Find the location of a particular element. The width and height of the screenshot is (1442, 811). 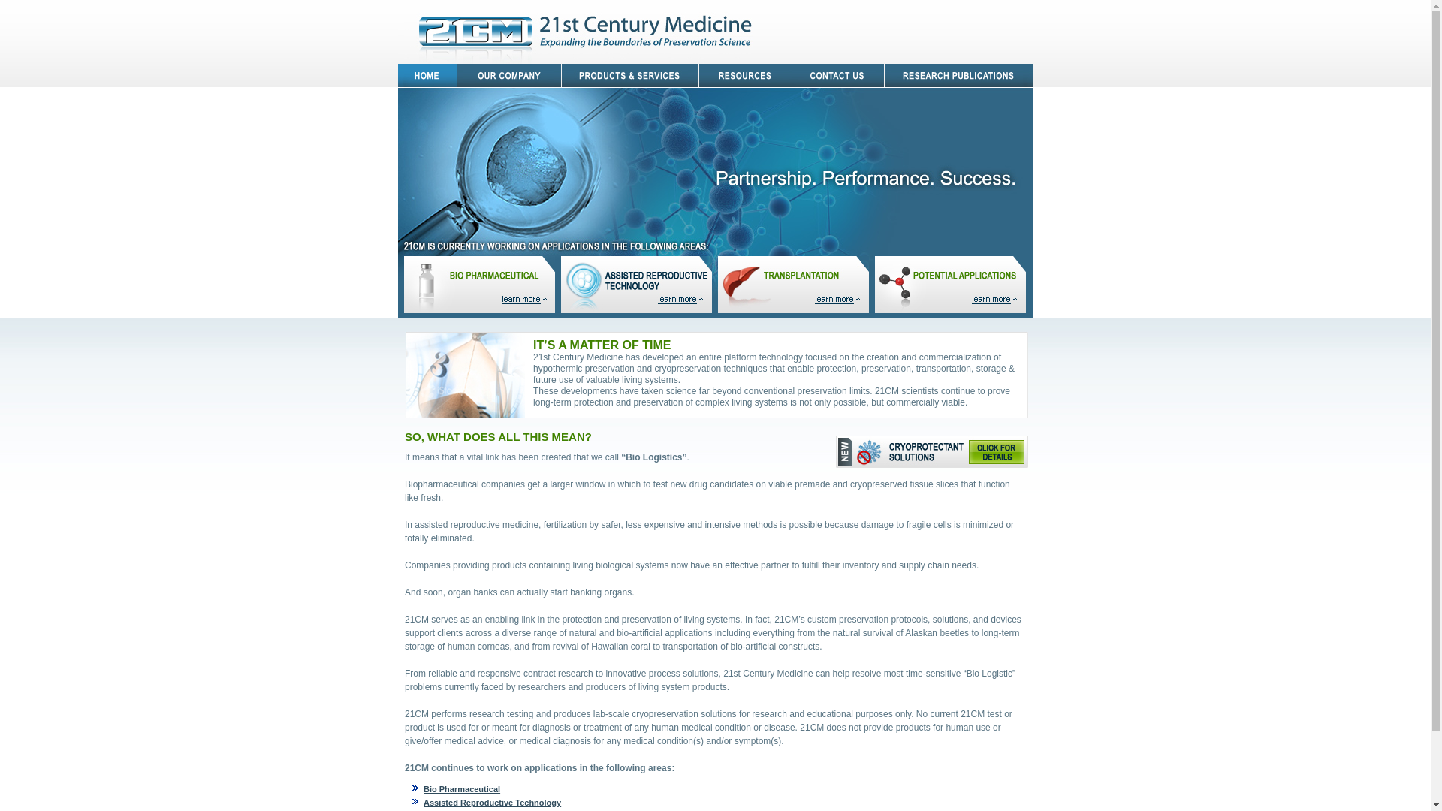

'Research Publications' is located at coordinates (958, 75).